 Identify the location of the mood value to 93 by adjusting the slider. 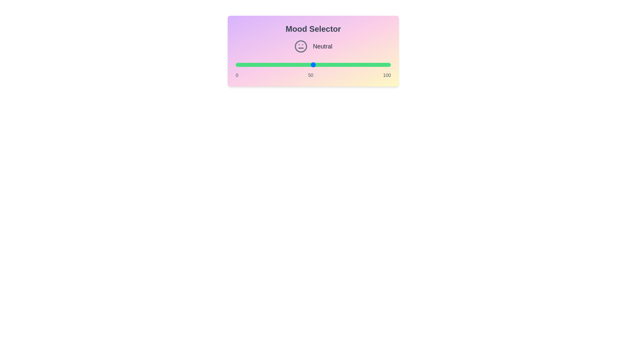
(380, 65).